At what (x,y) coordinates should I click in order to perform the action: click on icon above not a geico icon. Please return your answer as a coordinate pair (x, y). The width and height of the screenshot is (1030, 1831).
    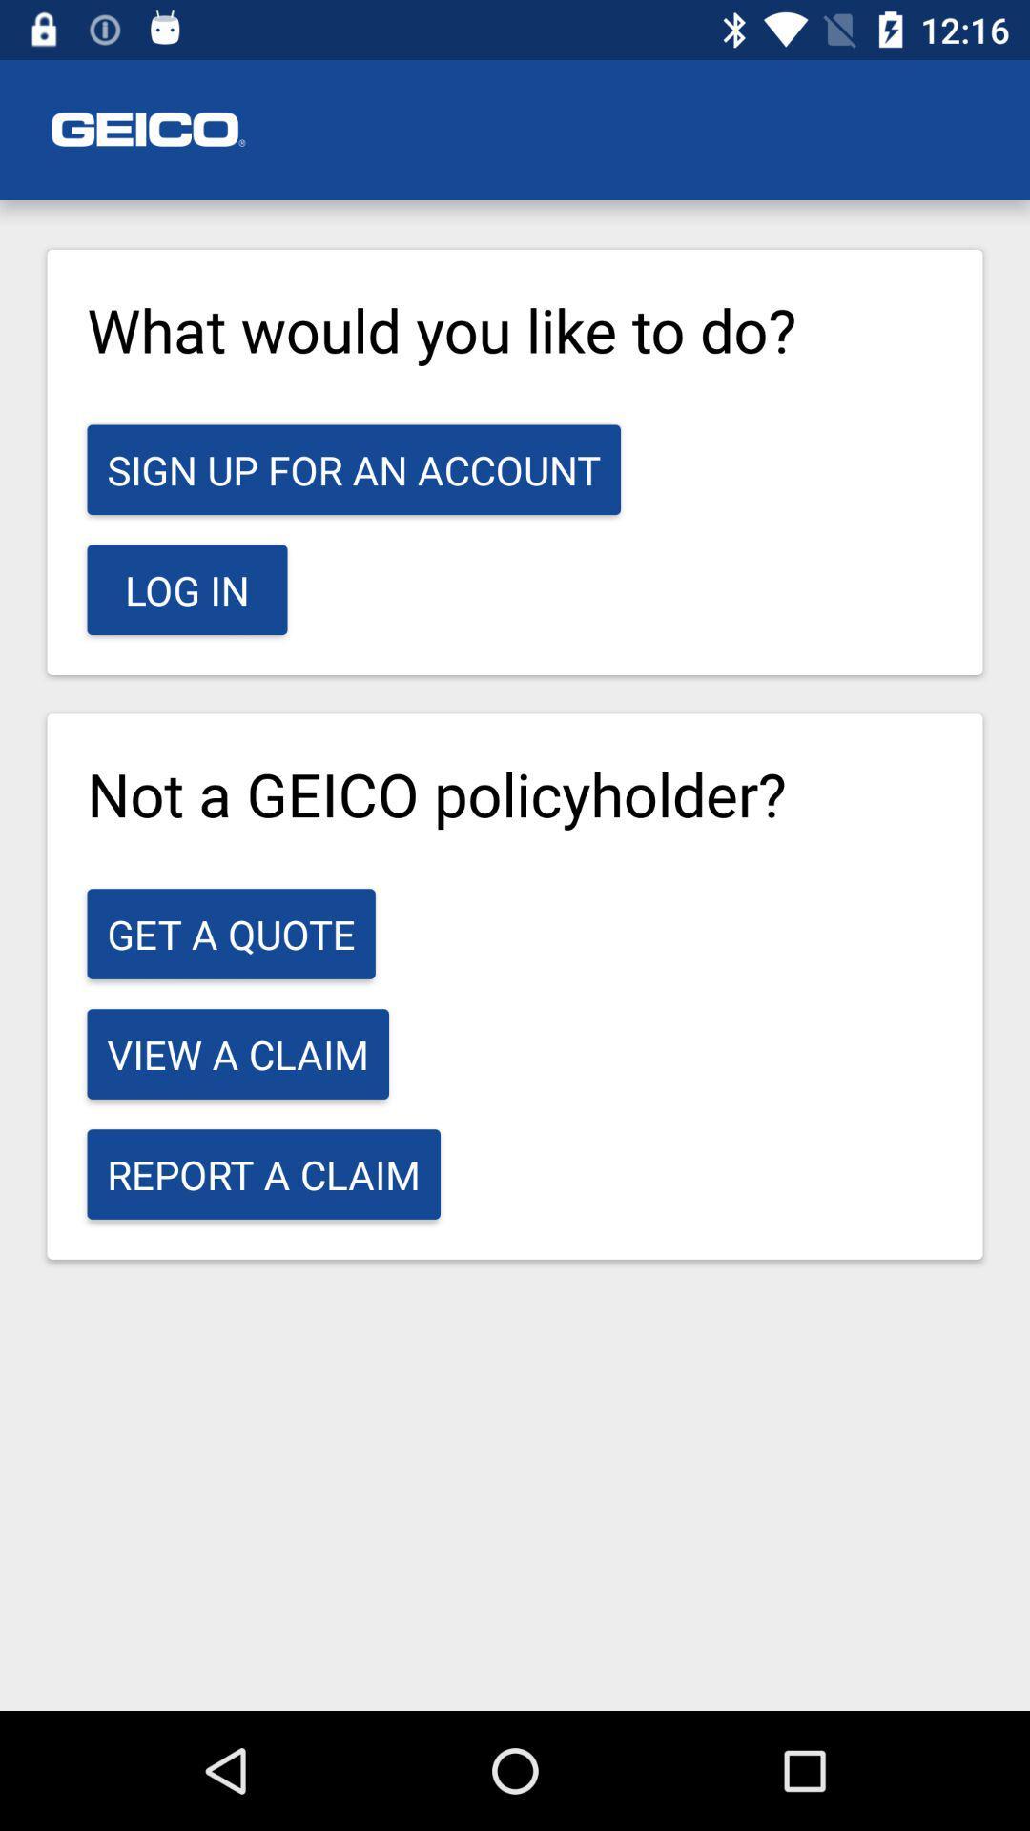
    Looking at the image, I should click on (187, 588).